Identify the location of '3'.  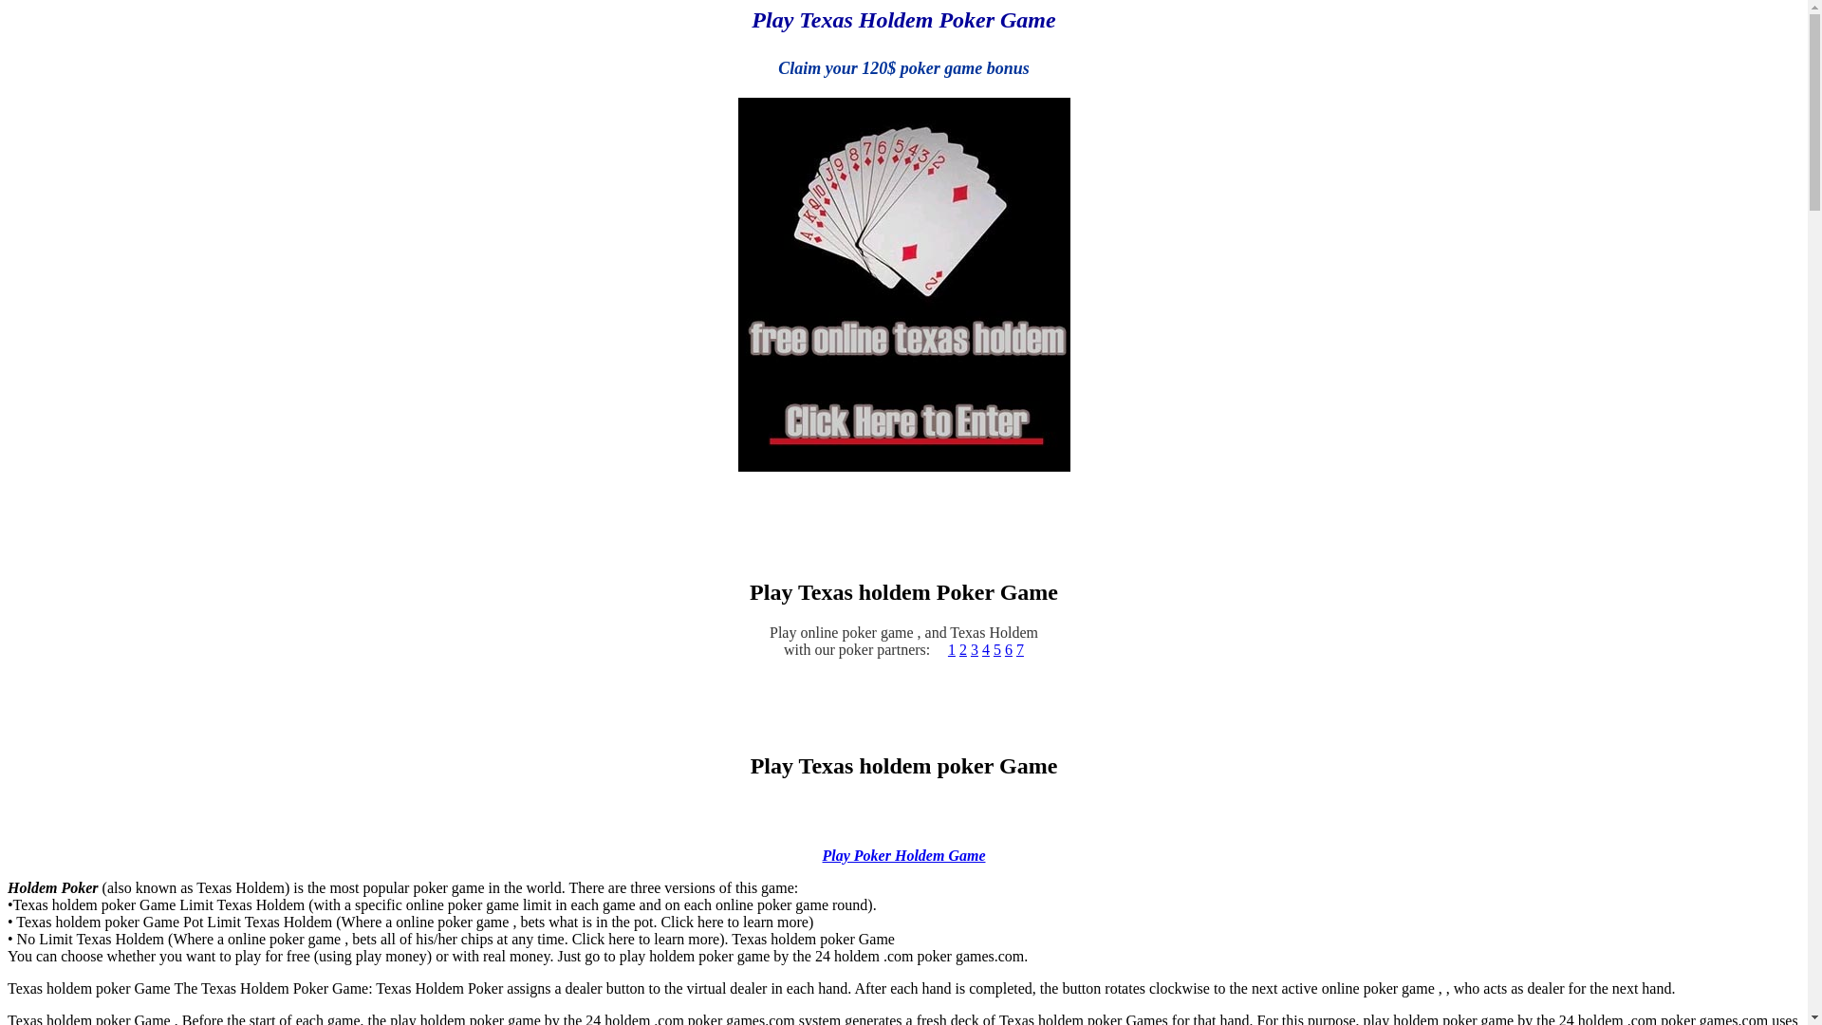
(975, 648).